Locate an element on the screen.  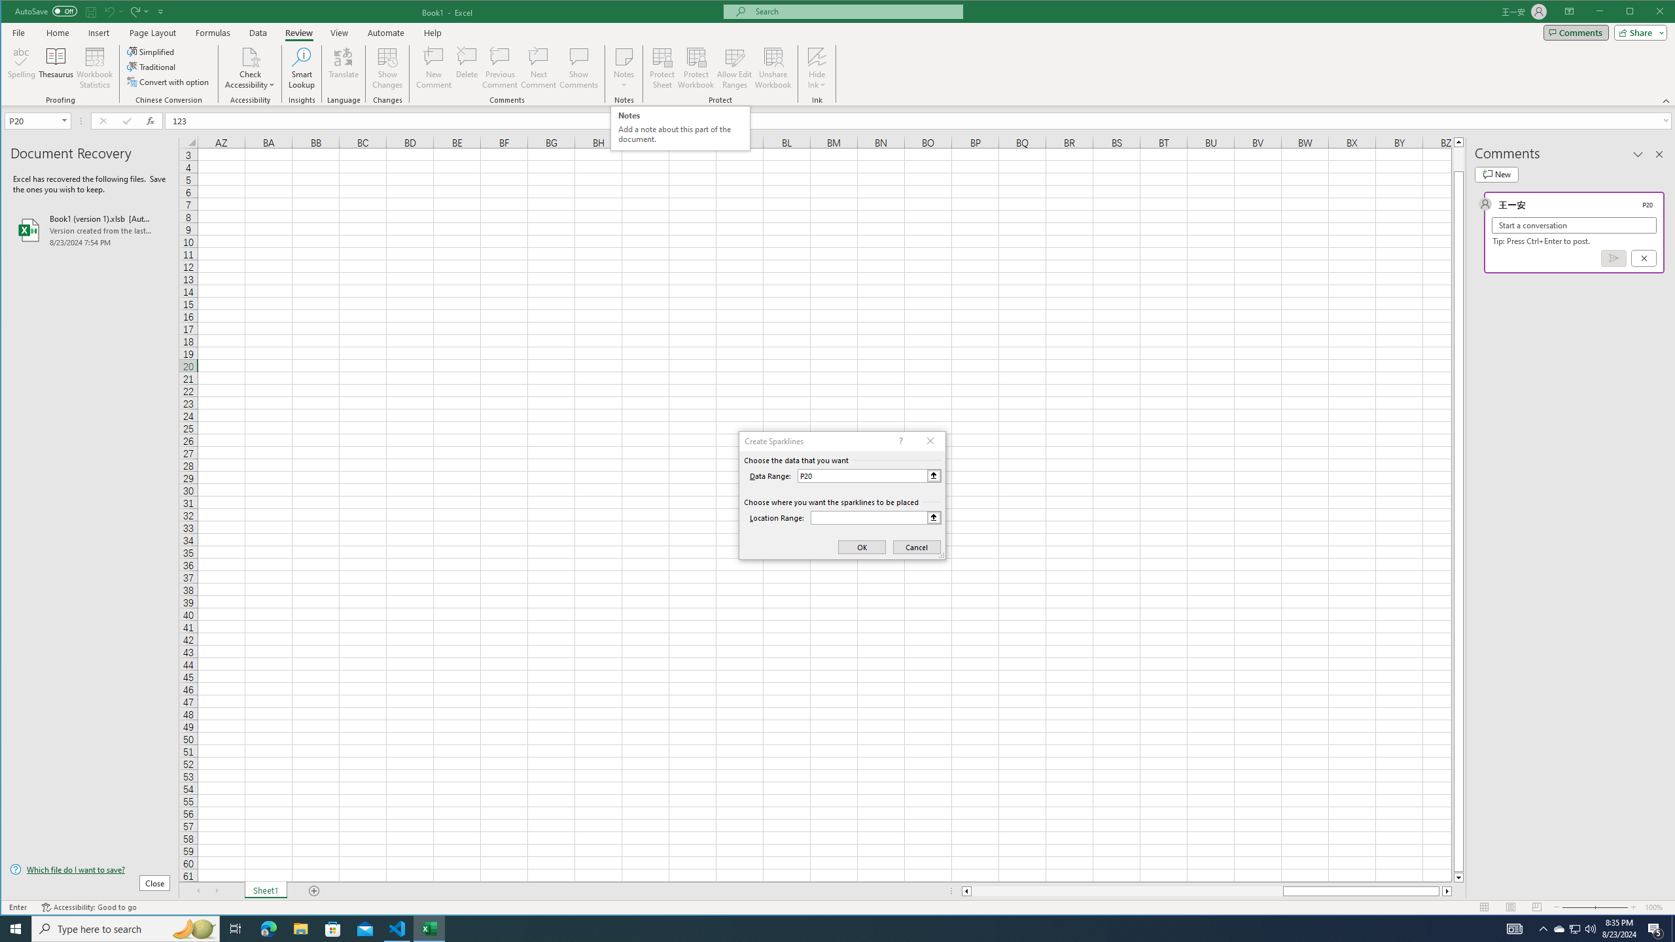
'Redo' is located at coordinates (138, 10).